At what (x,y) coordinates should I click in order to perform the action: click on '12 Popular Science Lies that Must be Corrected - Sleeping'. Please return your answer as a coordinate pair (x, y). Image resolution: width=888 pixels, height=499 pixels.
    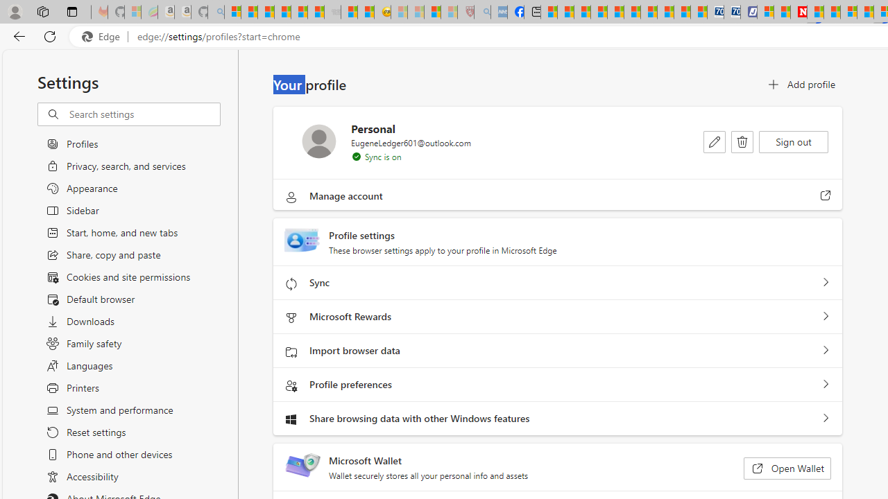
    Looking at the image, I should click on (449, 12).